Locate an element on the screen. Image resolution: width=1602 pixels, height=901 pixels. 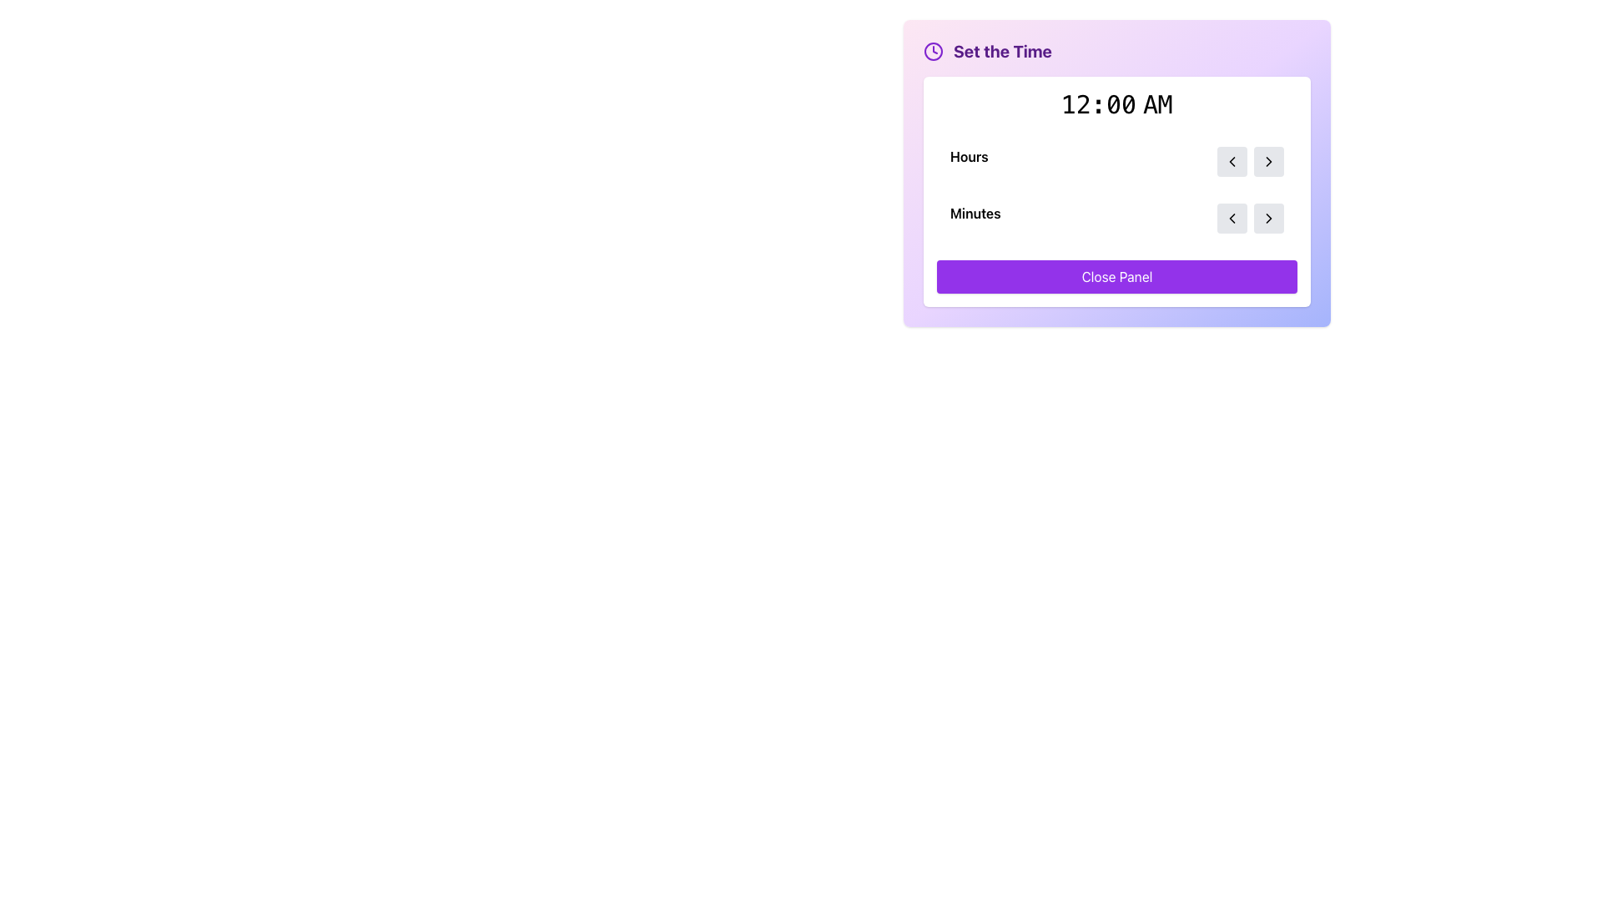
the increment button located in the bottom-right corner of the 'Minutes' section of the time-setting panel to trigger the hover effect is located at coordinates (1268, 218).